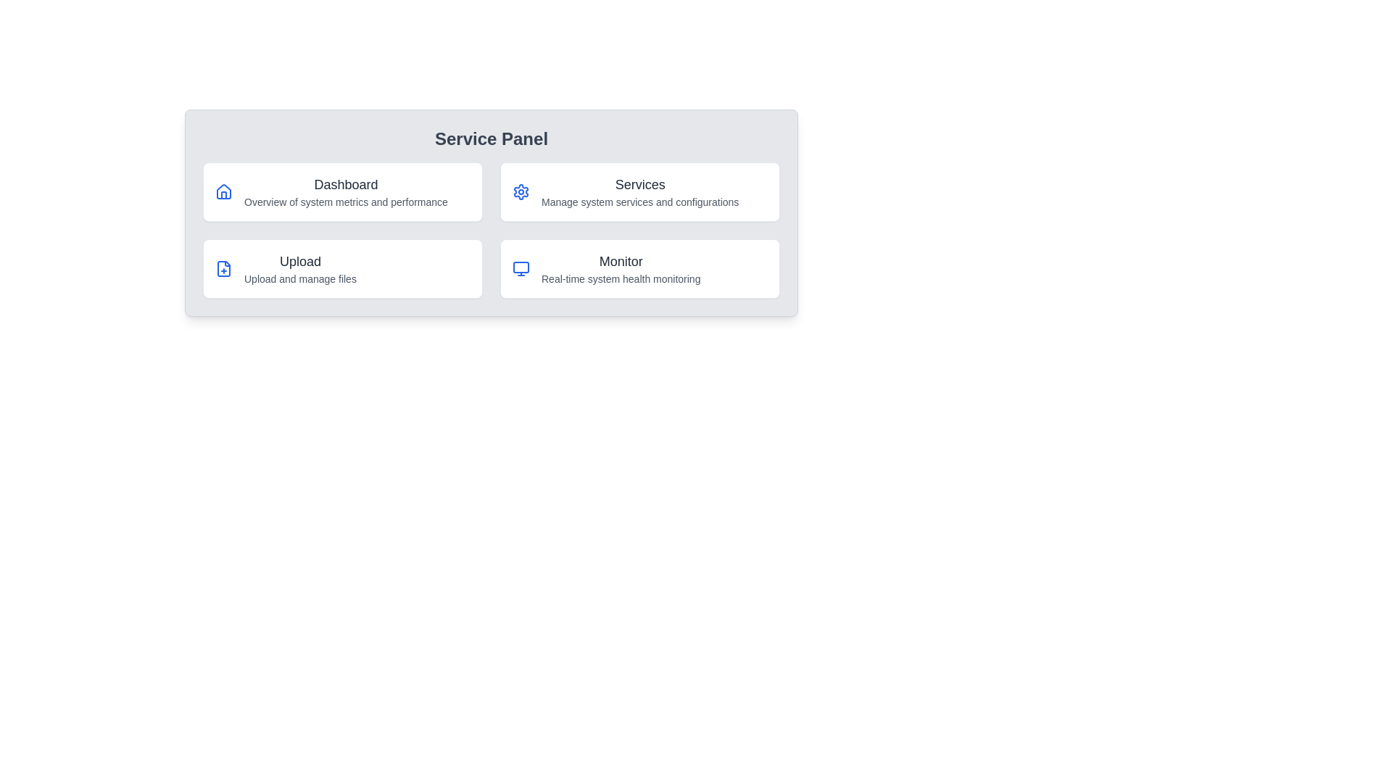  What do you see at coordinates (621, 268) in the screenshot?
I see `the 'Monitor' text label, which is prominently displayed in bold with a larger font size, located in the bottom-right card of a four-grid layout` at bounding box center [621, 268].